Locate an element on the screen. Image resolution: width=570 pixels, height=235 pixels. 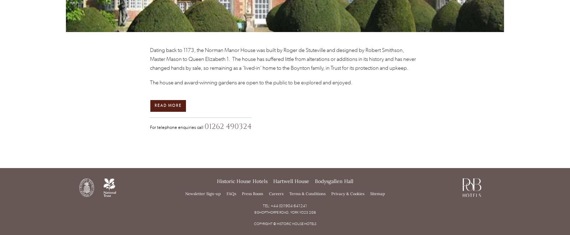
'Newsletter Sign-up' is located at coordinates (202, 193).